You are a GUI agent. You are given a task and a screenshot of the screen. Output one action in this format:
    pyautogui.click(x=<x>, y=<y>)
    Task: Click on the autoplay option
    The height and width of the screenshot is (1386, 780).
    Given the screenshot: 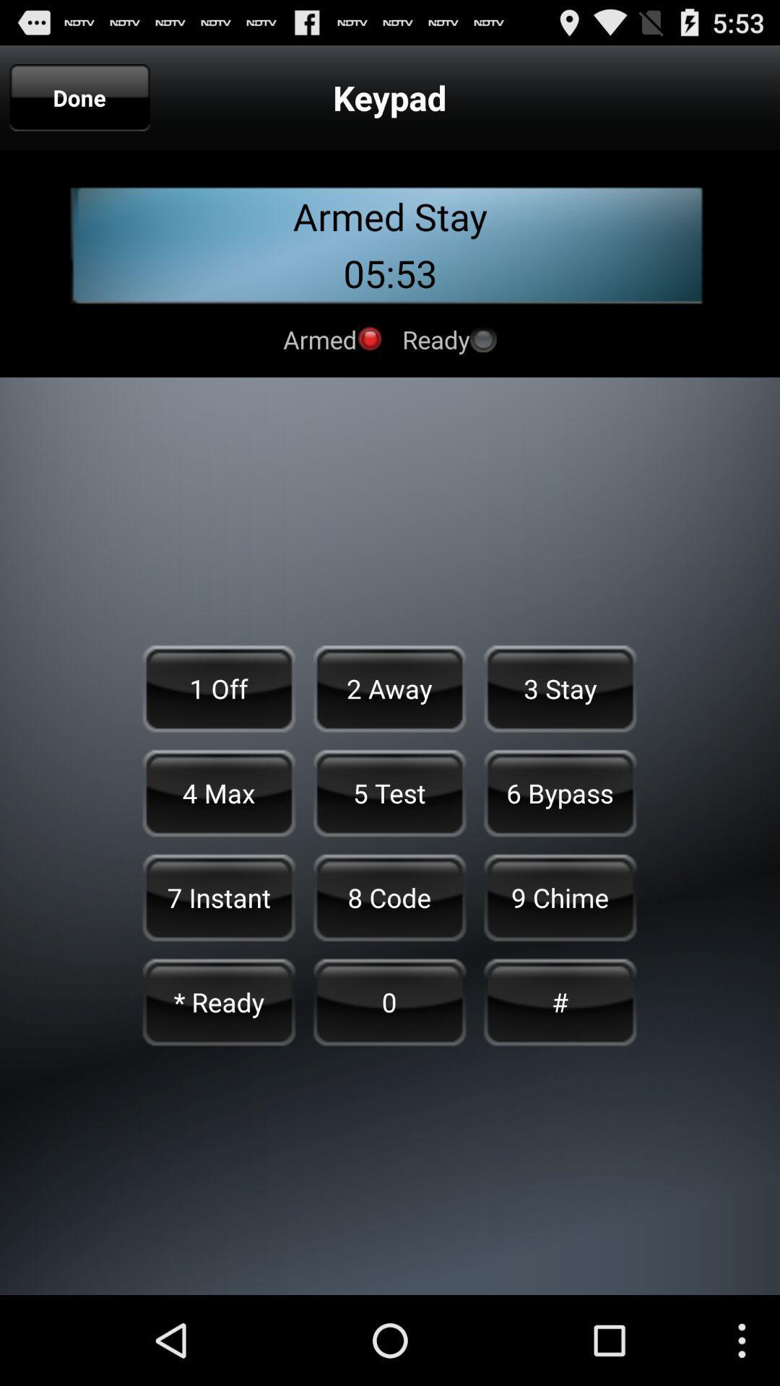 What is the action you would take?
    pyautogui.click(x=369, y=338)
    